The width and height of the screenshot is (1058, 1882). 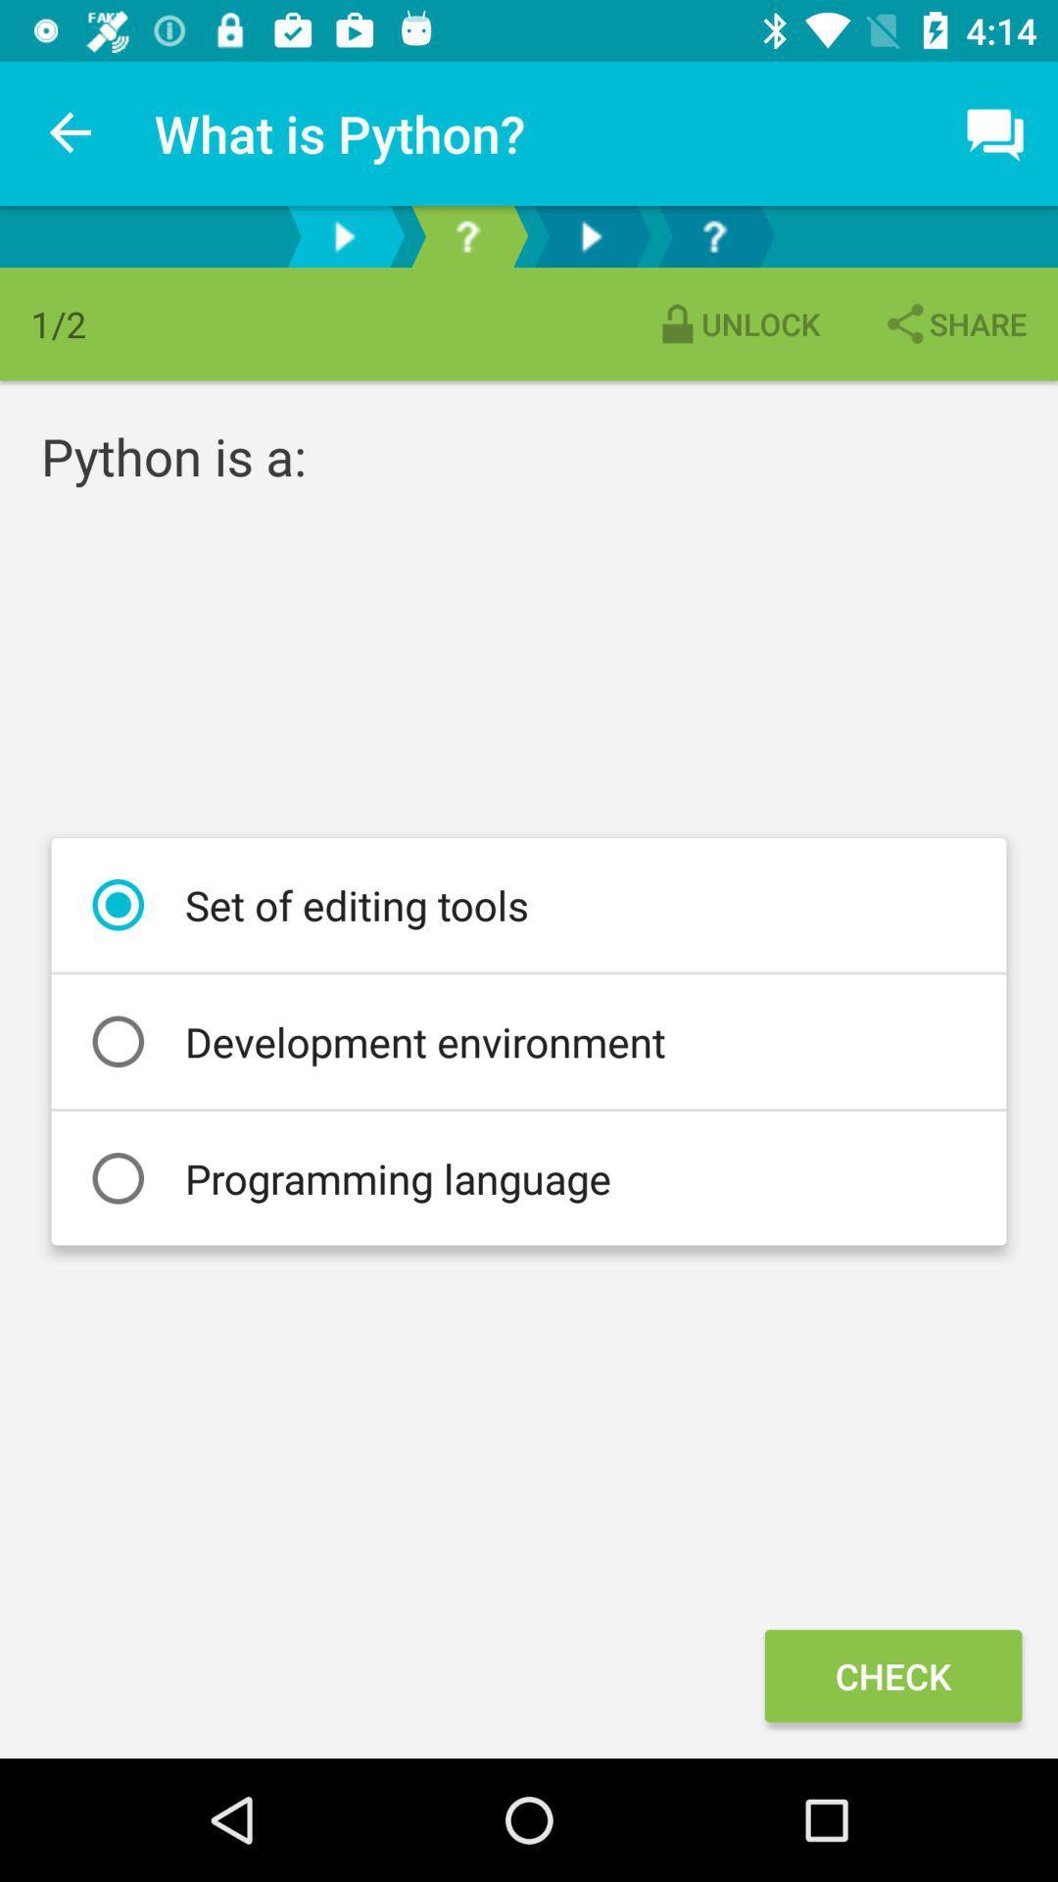 What do you see at coordinates (892, 1674) in the screenshot?
I see `the check icon` at bounding box center [892, 1674].